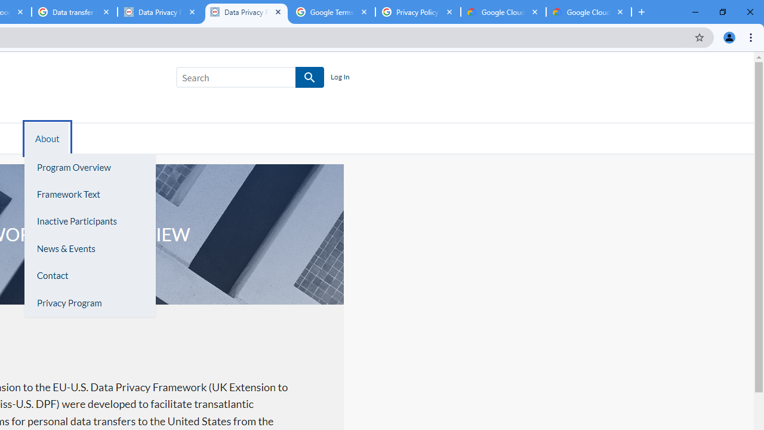  I want to click on 'SEARCH', so click(310, 78).